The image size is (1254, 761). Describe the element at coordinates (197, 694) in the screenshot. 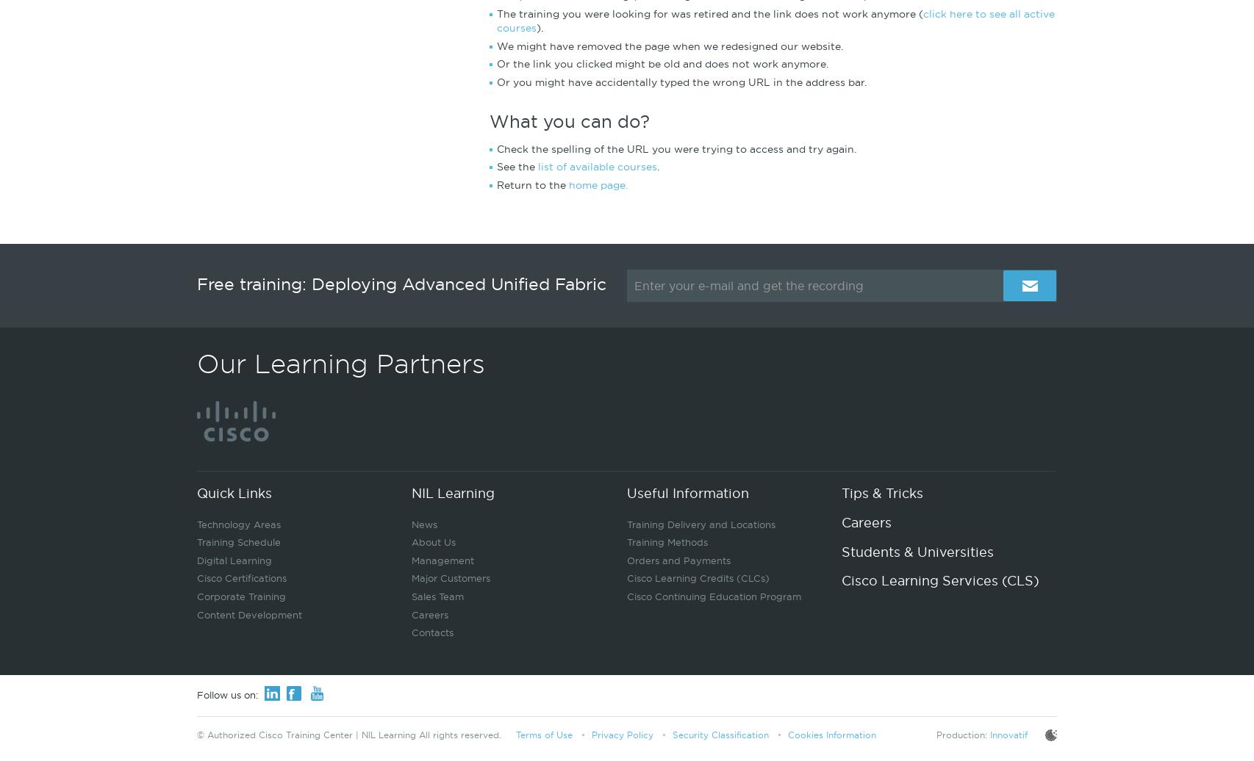

I see `'Follow us on:'` at that location.